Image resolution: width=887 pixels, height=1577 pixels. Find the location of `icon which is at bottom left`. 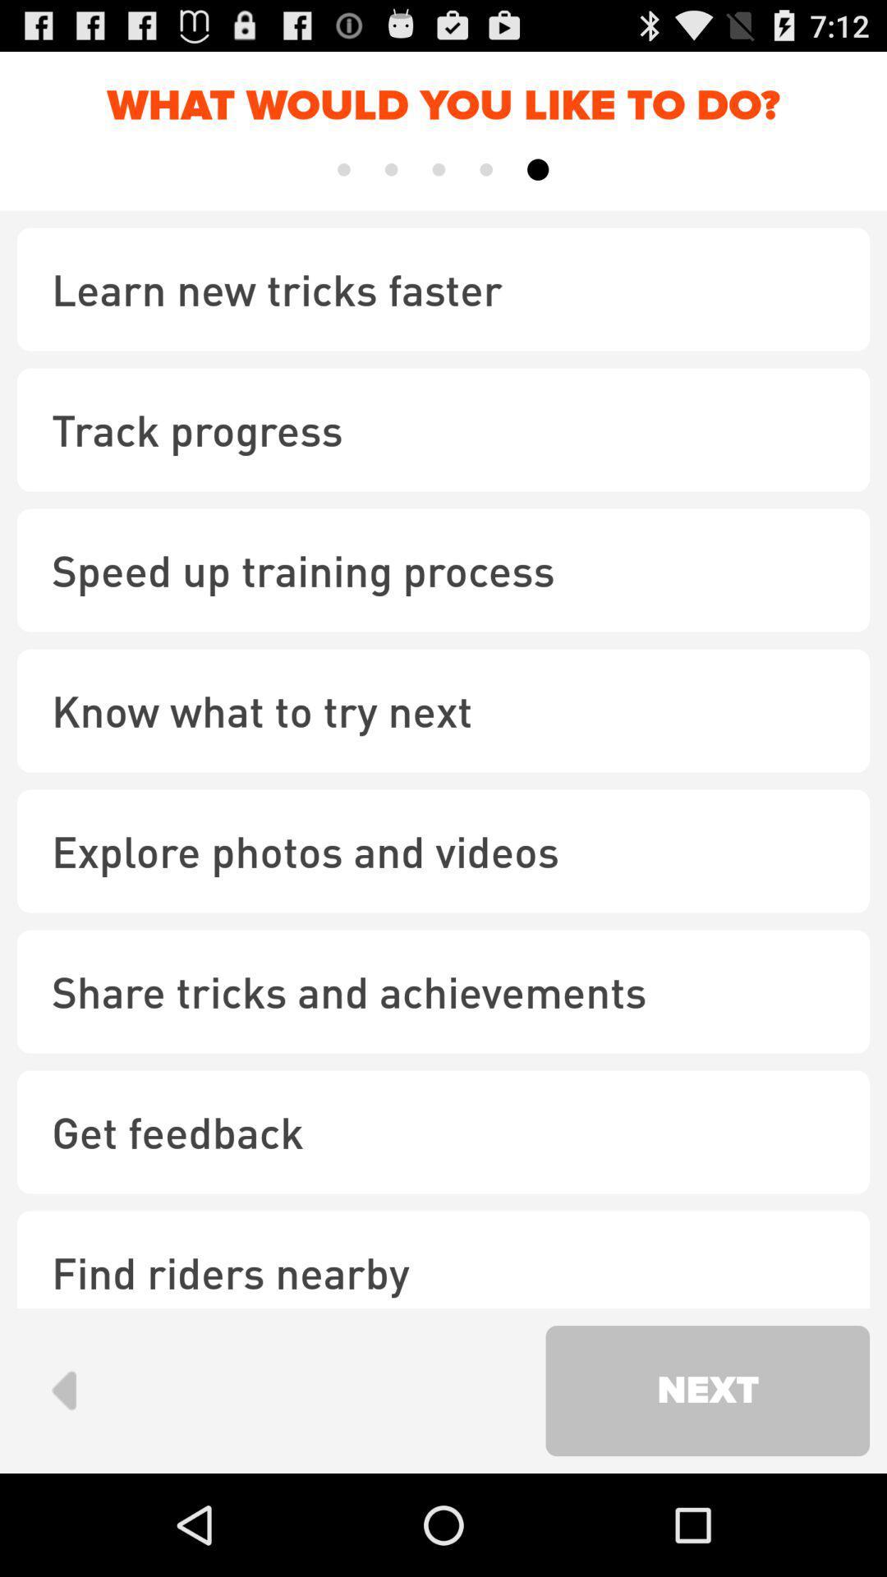

icon which is at bottom left is located at coordinates (62, 1390).